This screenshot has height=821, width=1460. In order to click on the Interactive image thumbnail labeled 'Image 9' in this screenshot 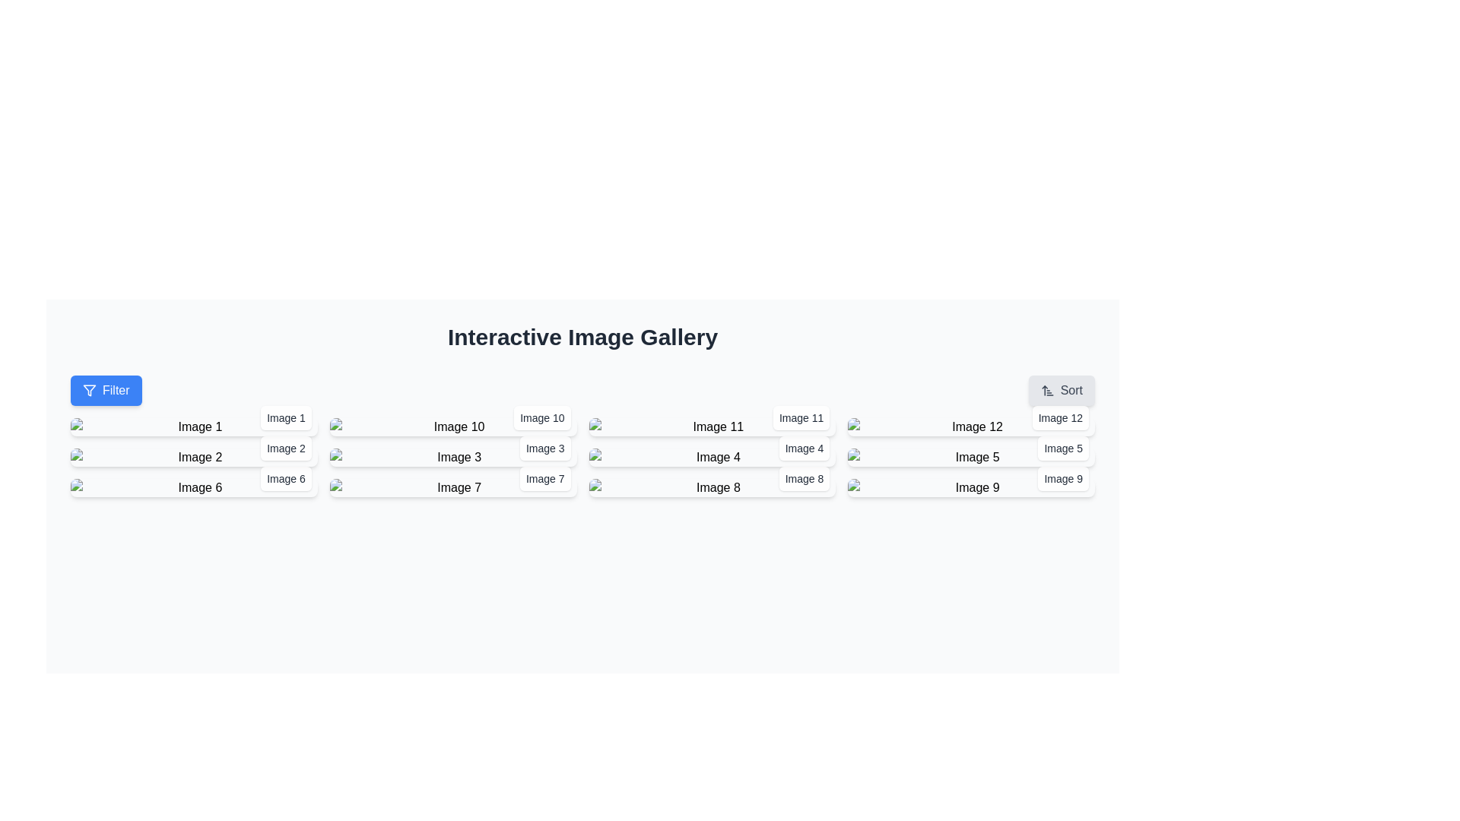, I will do `click(970, 487)`.